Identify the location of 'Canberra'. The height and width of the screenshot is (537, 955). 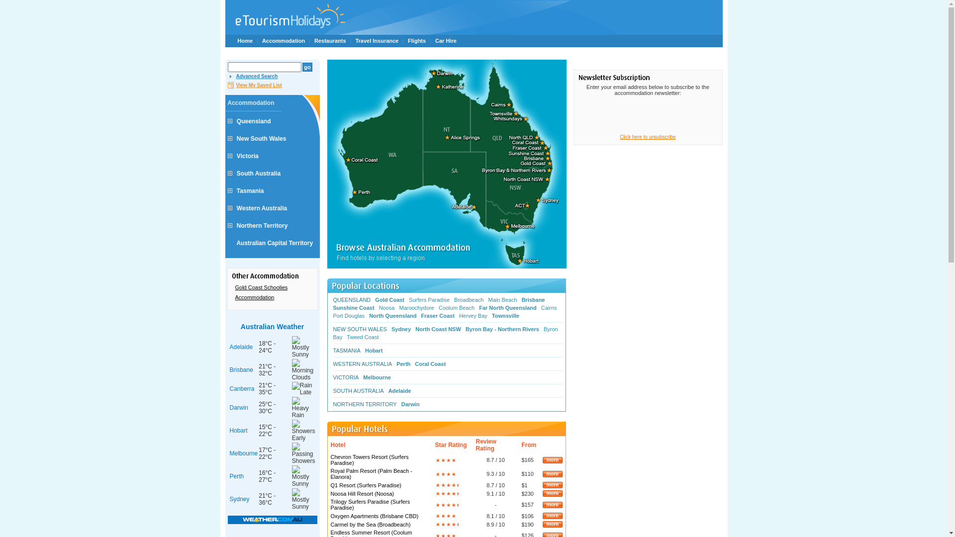
(242, 388).